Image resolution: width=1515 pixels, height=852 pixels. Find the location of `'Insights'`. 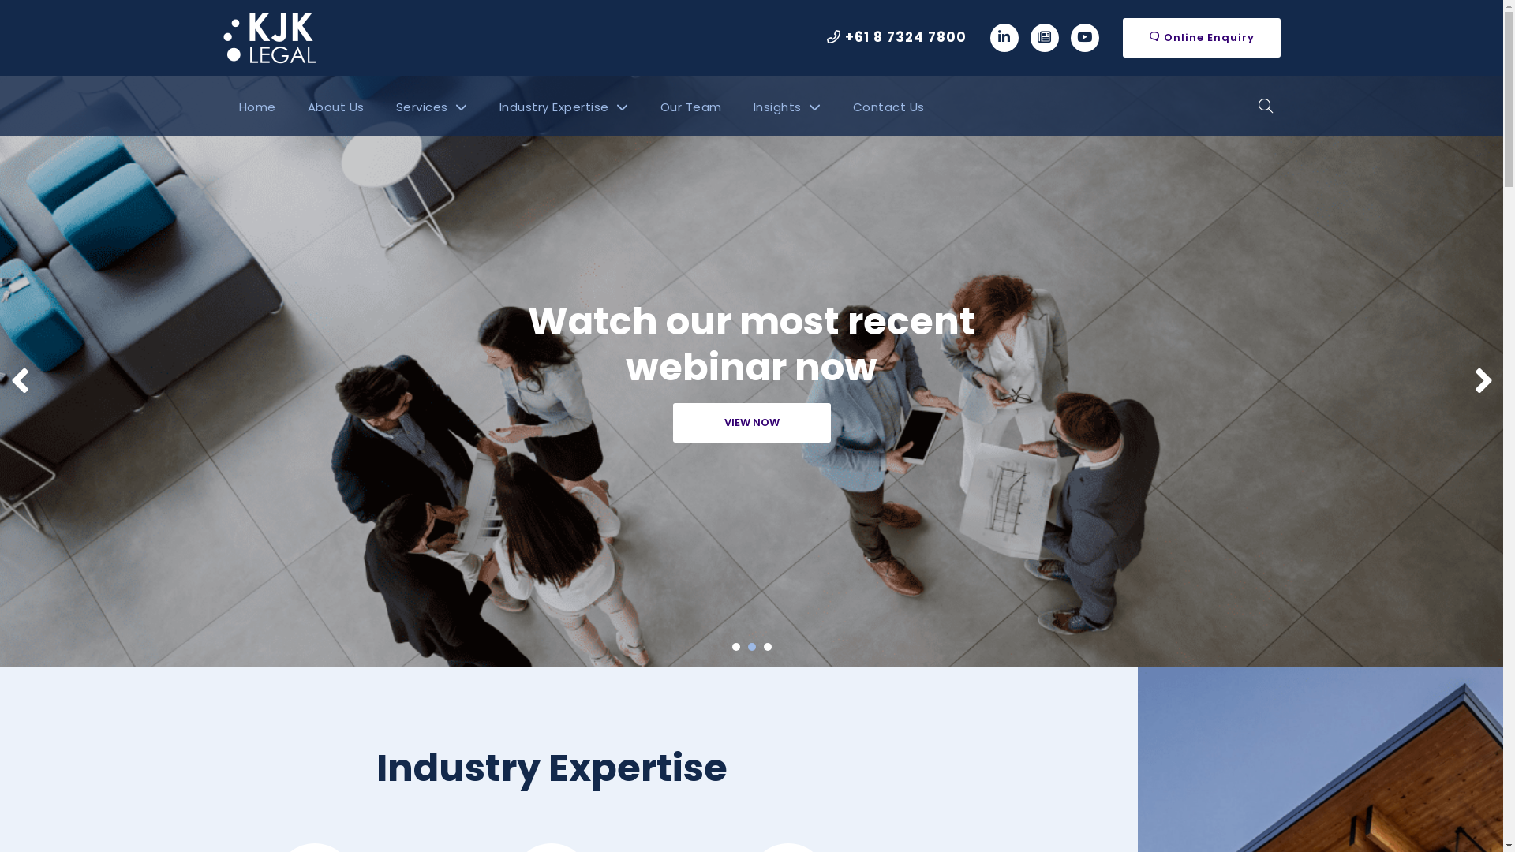

'Insights' is located at coordinates (787, 106).